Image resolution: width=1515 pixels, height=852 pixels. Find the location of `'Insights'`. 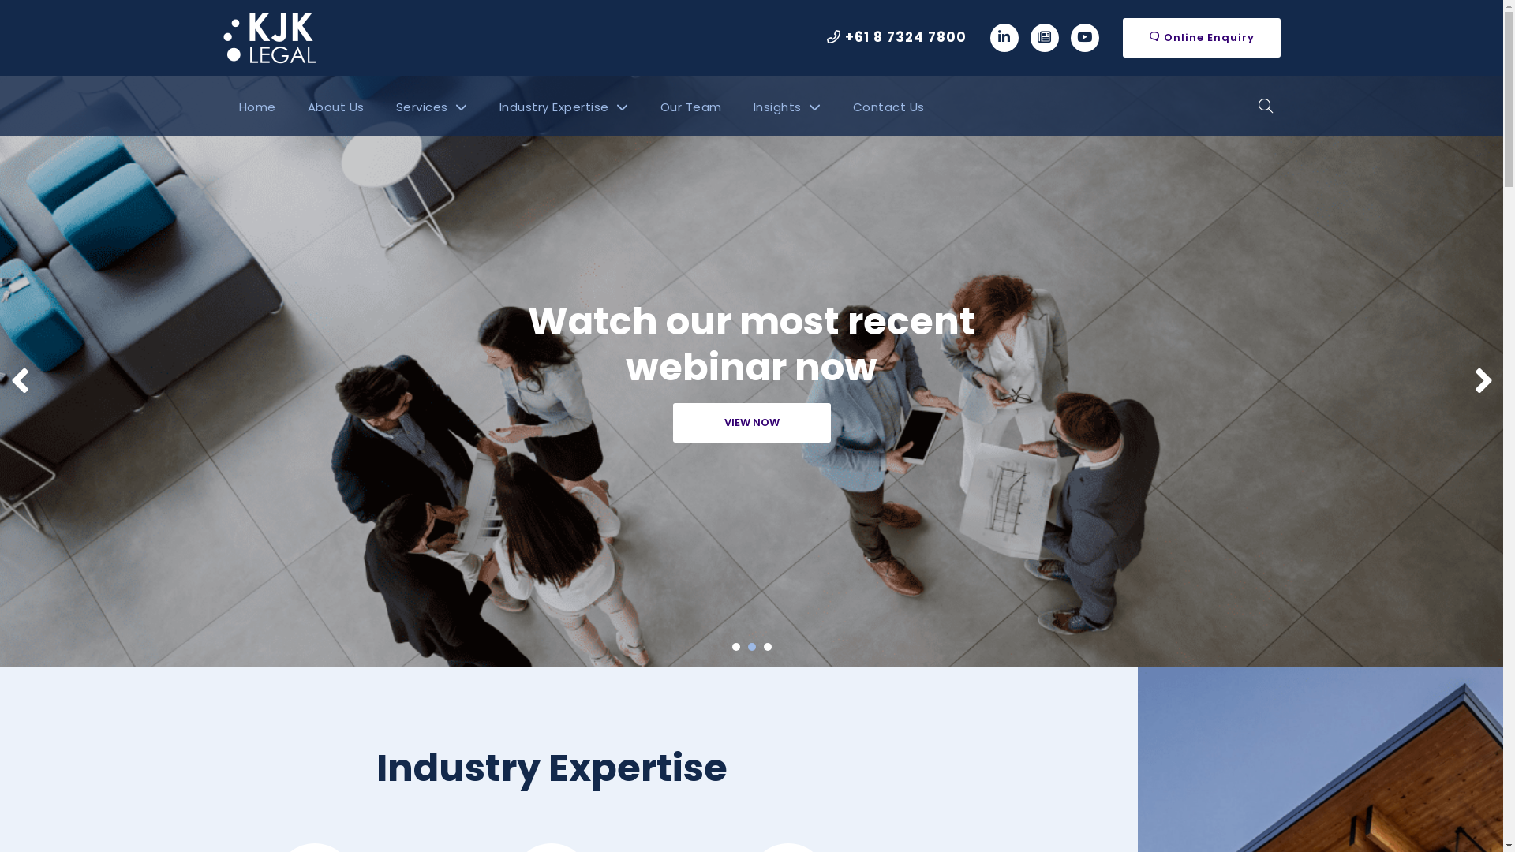

'Insights' is located at coordinates (787, 106).